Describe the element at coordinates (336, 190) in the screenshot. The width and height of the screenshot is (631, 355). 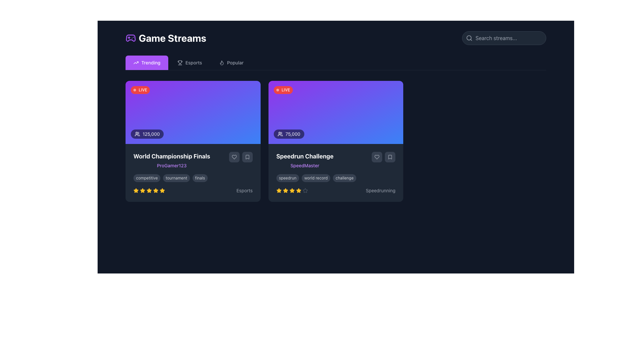
I see `text label located at the bottom-right of the 'Speedrun Challenge' card that denotes 'Speedrunning'` at that location.